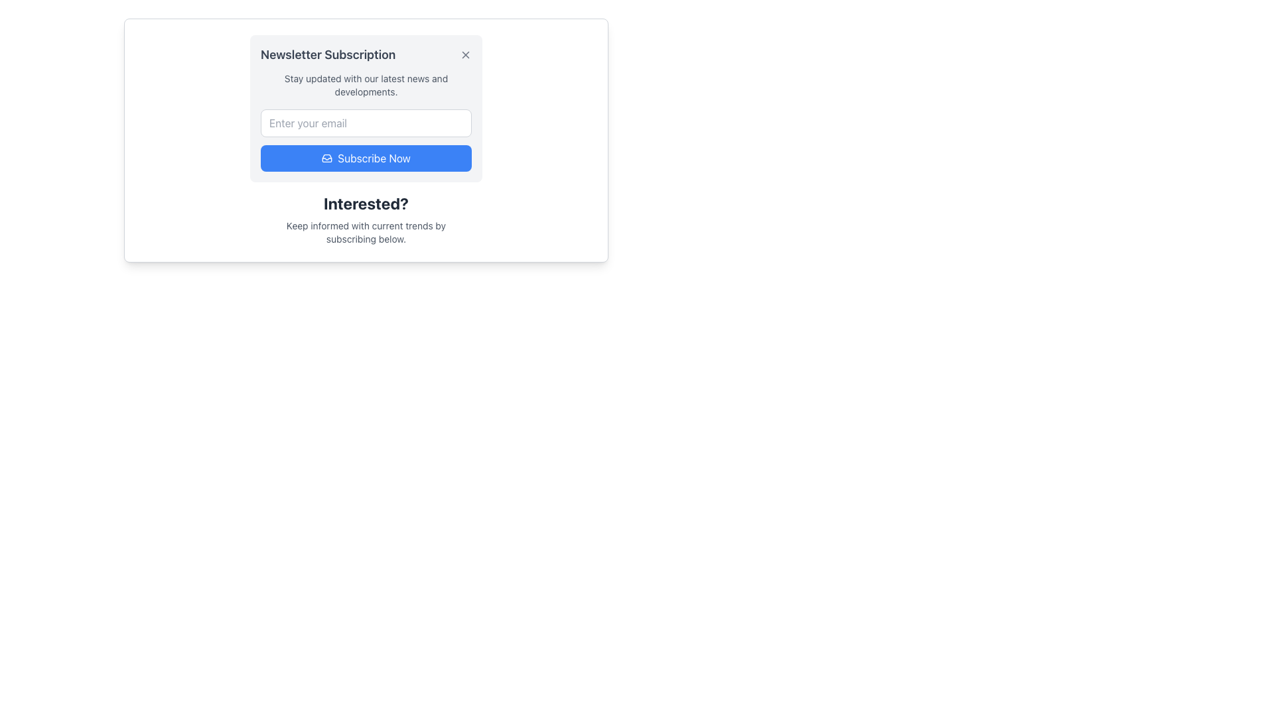 Image resolution: width=1274 pixels, height=716 pixels. I want to click on the 'Submit' button located in the 'Newsletter Subscription' section, so click(366, 141).